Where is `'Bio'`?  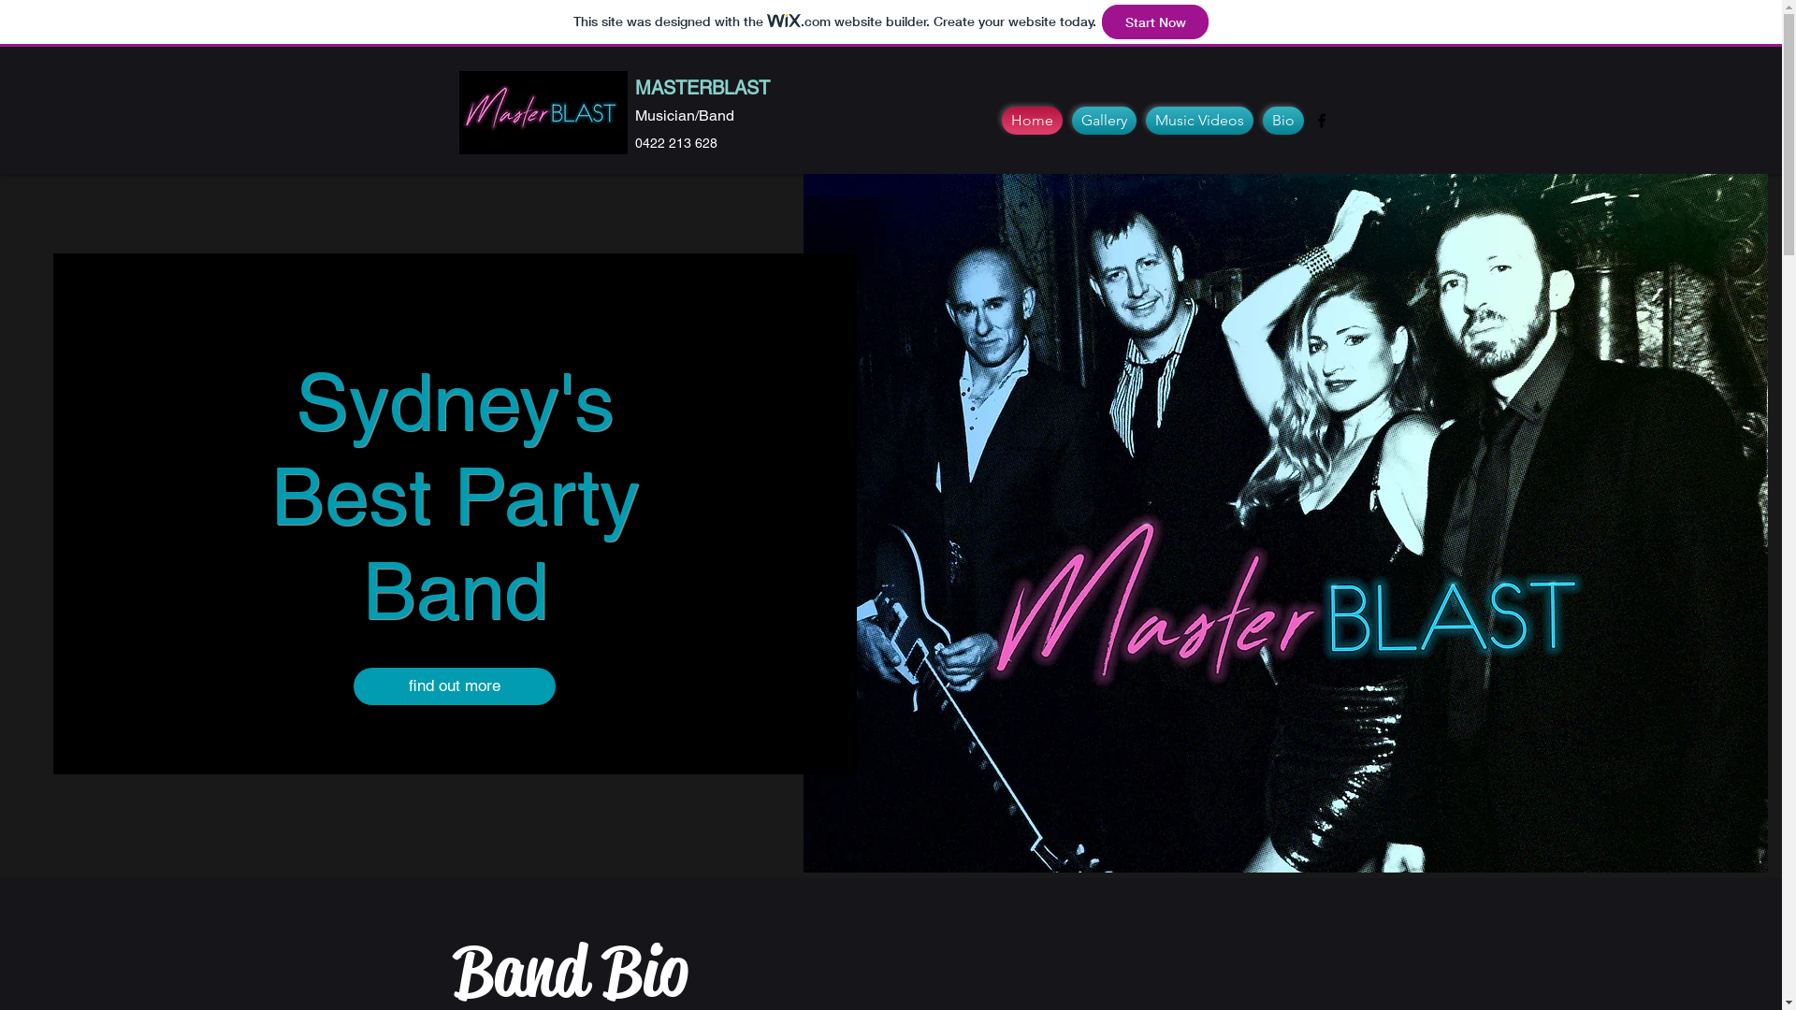
'Bio' is located at coordinates (1257, 120).